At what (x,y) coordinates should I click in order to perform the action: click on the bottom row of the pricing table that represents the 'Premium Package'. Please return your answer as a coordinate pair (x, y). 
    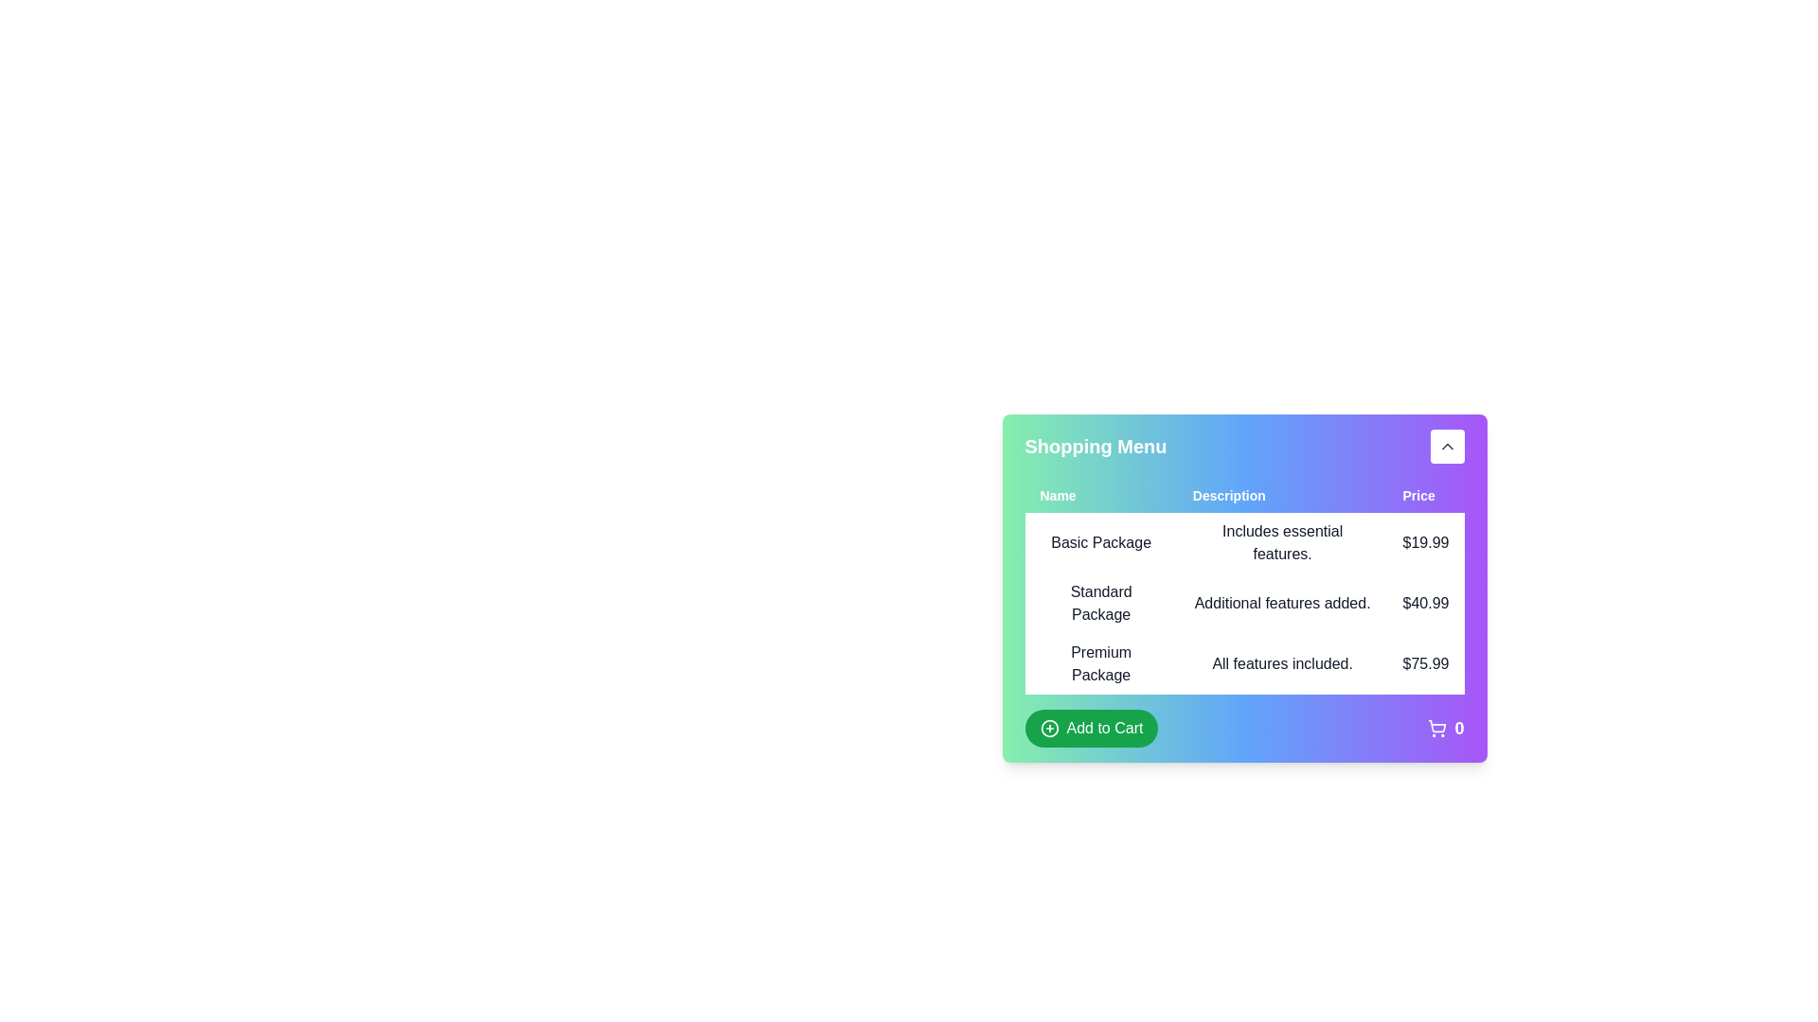
    Looking at the image, I should click on (1244, 663).